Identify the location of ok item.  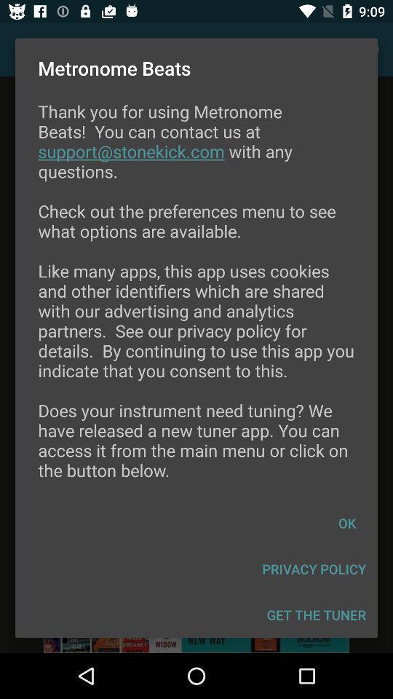
(346, 523).